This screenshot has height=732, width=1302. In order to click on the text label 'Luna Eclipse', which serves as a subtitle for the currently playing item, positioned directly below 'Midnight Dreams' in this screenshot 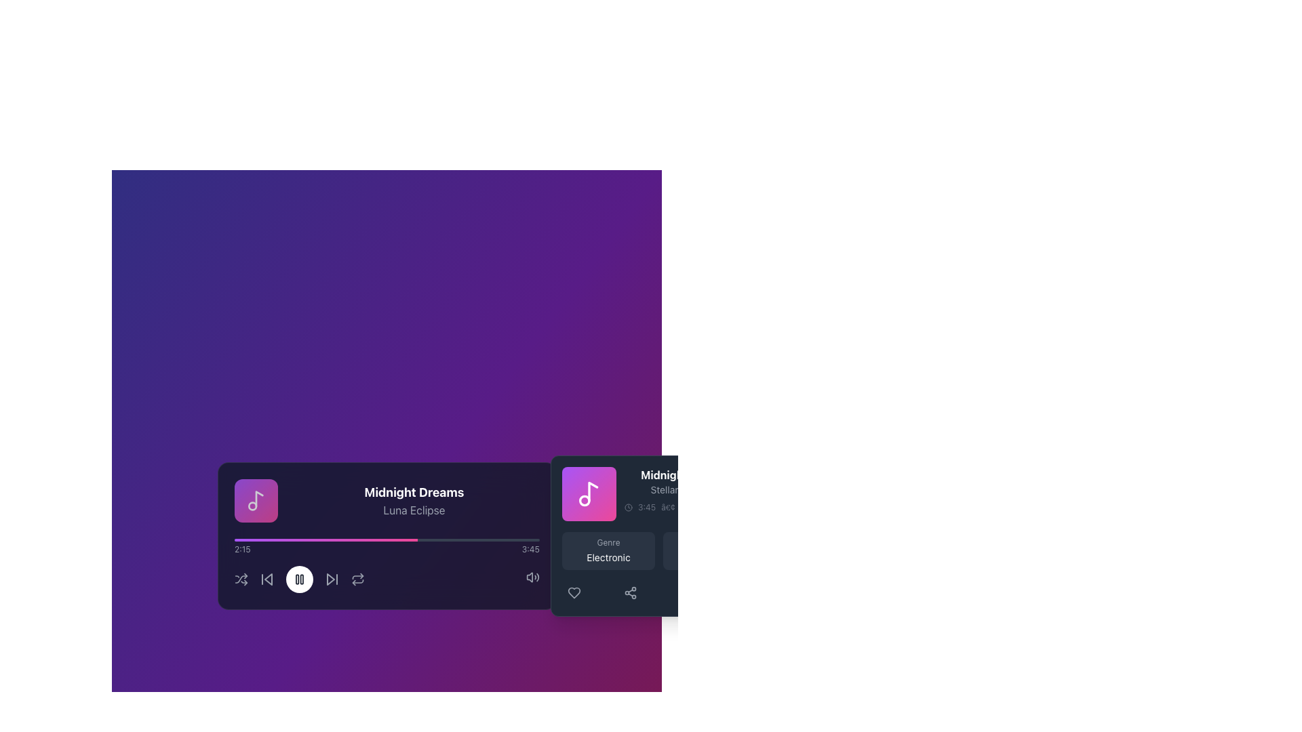, I will do `click(413, 510)`.